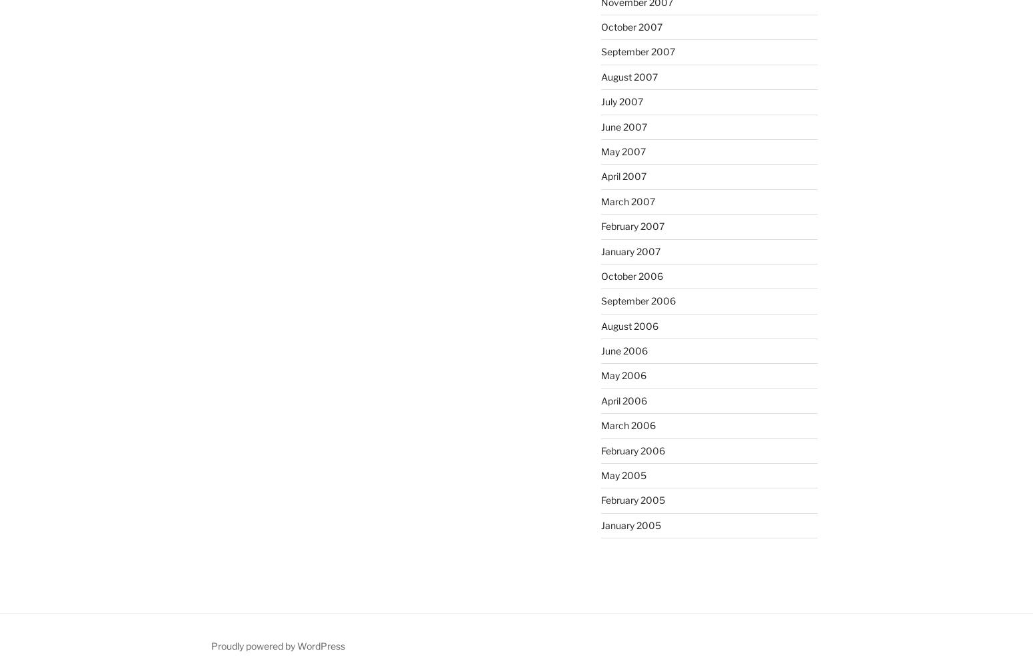 The width and height of the screenshot is (1033, 671). Describe the element at coordinates (629, 524) in the screenshot. I see `'January 2005'` at that location.